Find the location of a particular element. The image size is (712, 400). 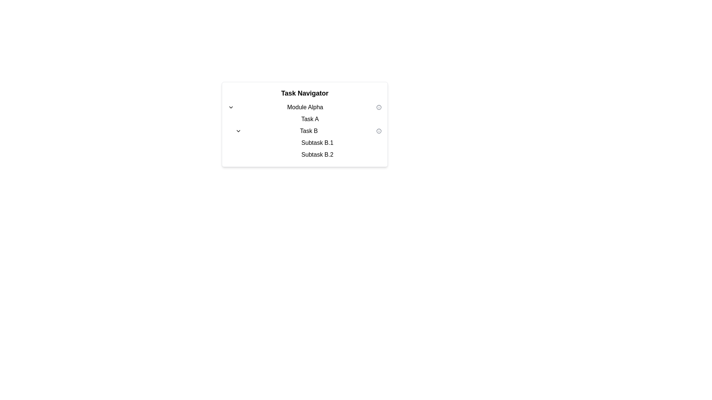

the circular vector graphic icon located near the top right corner of the interface, adjacent to the text 'Task Navigator' is located at coordinates (379, 131).